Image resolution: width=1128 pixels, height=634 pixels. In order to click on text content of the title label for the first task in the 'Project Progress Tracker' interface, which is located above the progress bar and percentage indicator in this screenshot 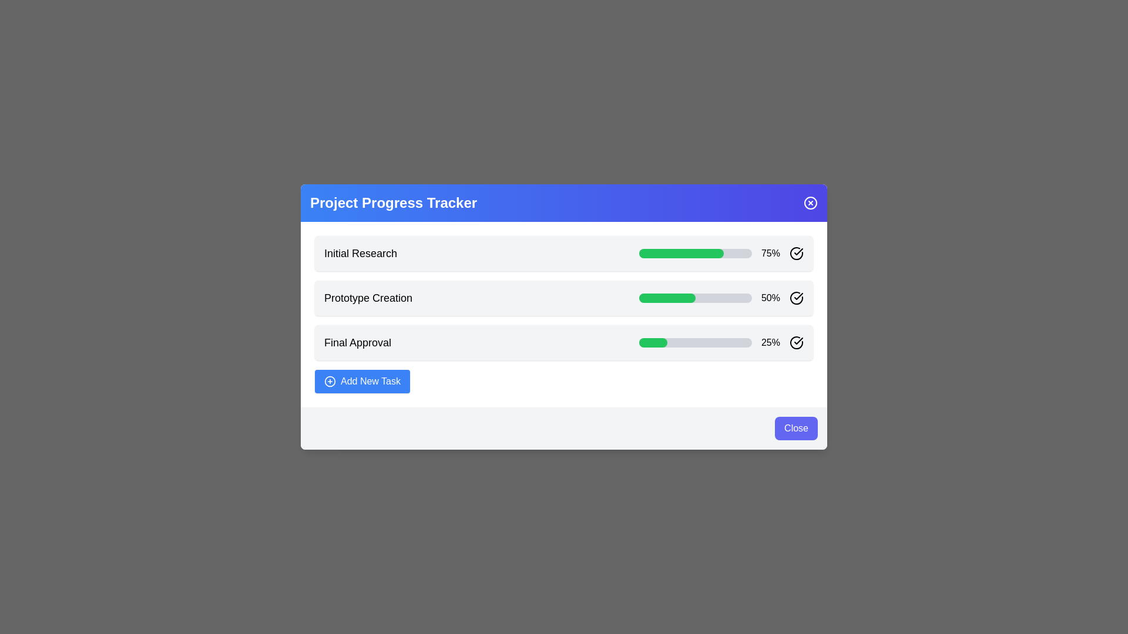, I will do `click(360, 253)`.